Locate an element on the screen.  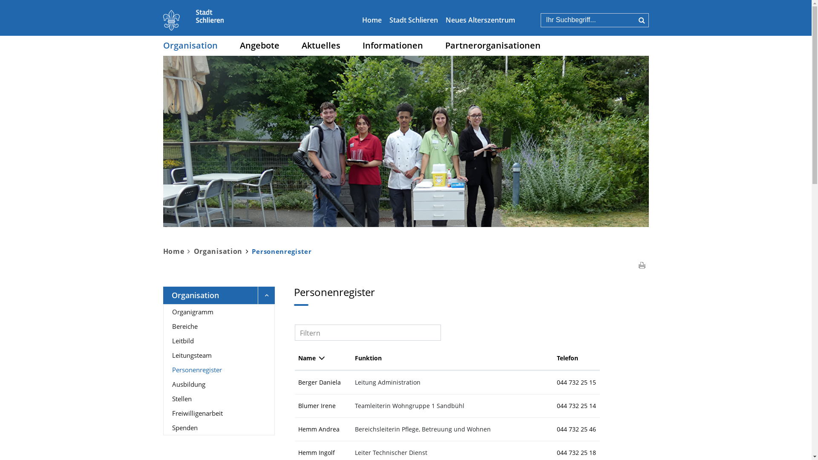
'Spenden' is located at coordinates (219, 427).